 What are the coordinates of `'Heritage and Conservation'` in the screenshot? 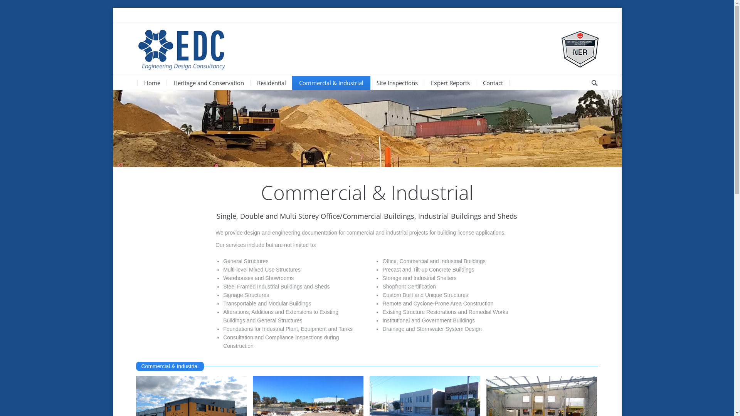 It's located at (209, 83).